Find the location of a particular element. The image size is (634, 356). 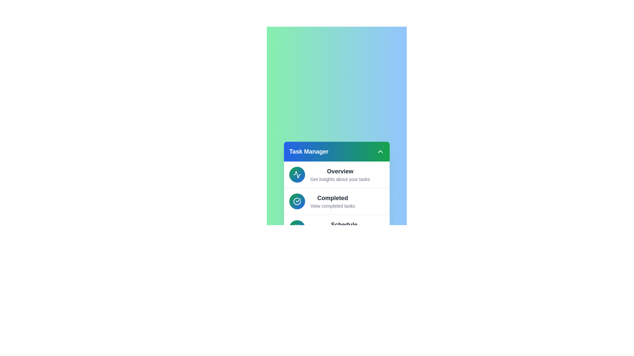

dropdown button to toggle the menu's expanded or collapsed state is located at coordinates (380, 151).